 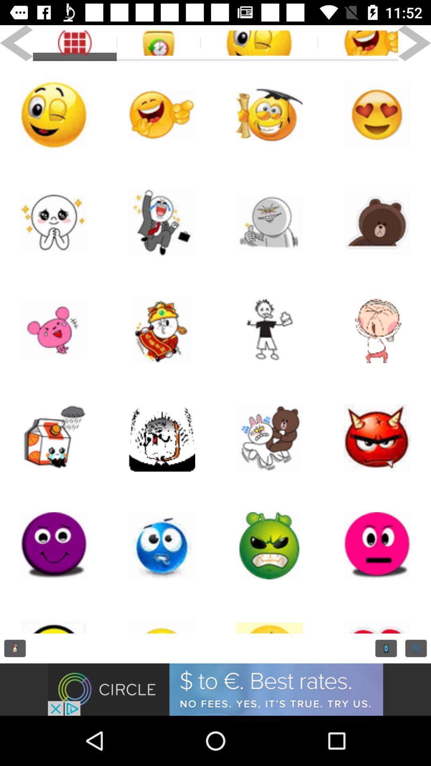 I want to click on sticker button, so click(x=269, y=222).